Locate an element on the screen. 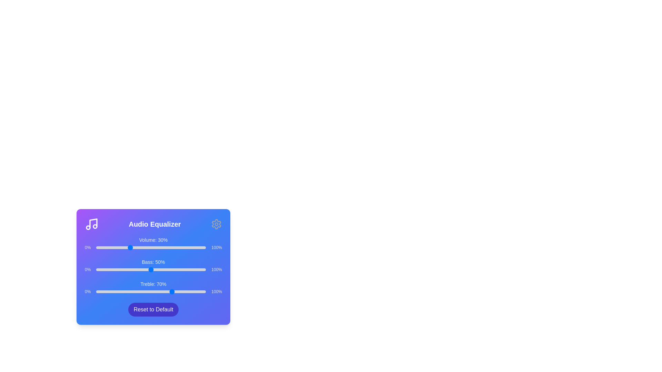  the Treble slider to 82% is located at coordinates (186, 292).